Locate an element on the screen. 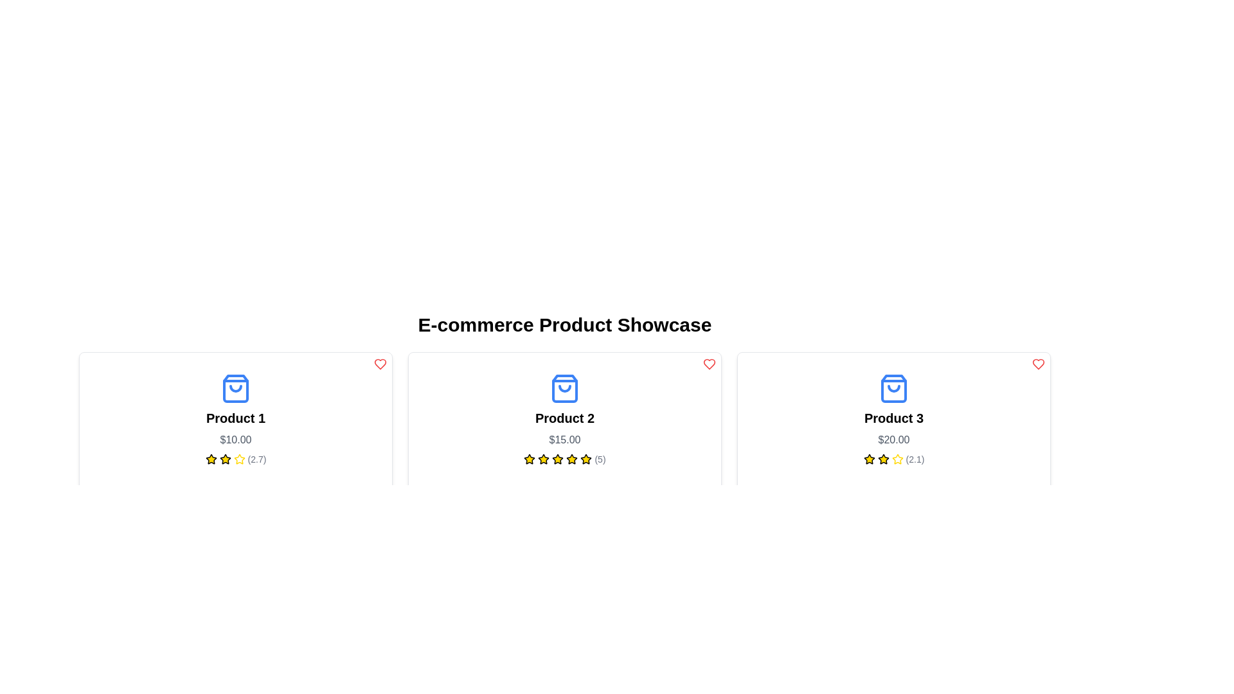 This screenshot has width=1234, height=694. the small text component displaying the value '(5)' which is located below the product name and price, next to the star rating icons is located at coordinates (600, 458).